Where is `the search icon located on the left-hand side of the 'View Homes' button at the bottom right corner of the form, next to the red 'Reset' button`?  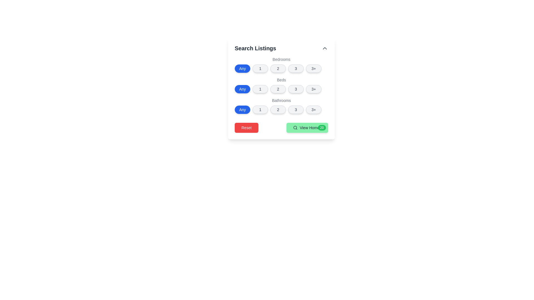 the search icon located on the left-hand side of the 'View Homes' button at the bottom right corner of the form, next to the red 'Reset' button is located at coordinates (295, 127).